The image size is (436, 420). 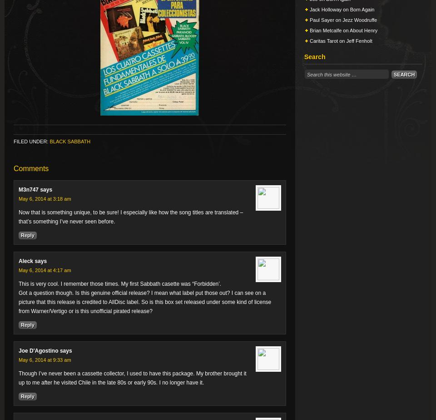 I want to click on 'May 6, 2014 at 9:33 am', so click(x=45, y=359).